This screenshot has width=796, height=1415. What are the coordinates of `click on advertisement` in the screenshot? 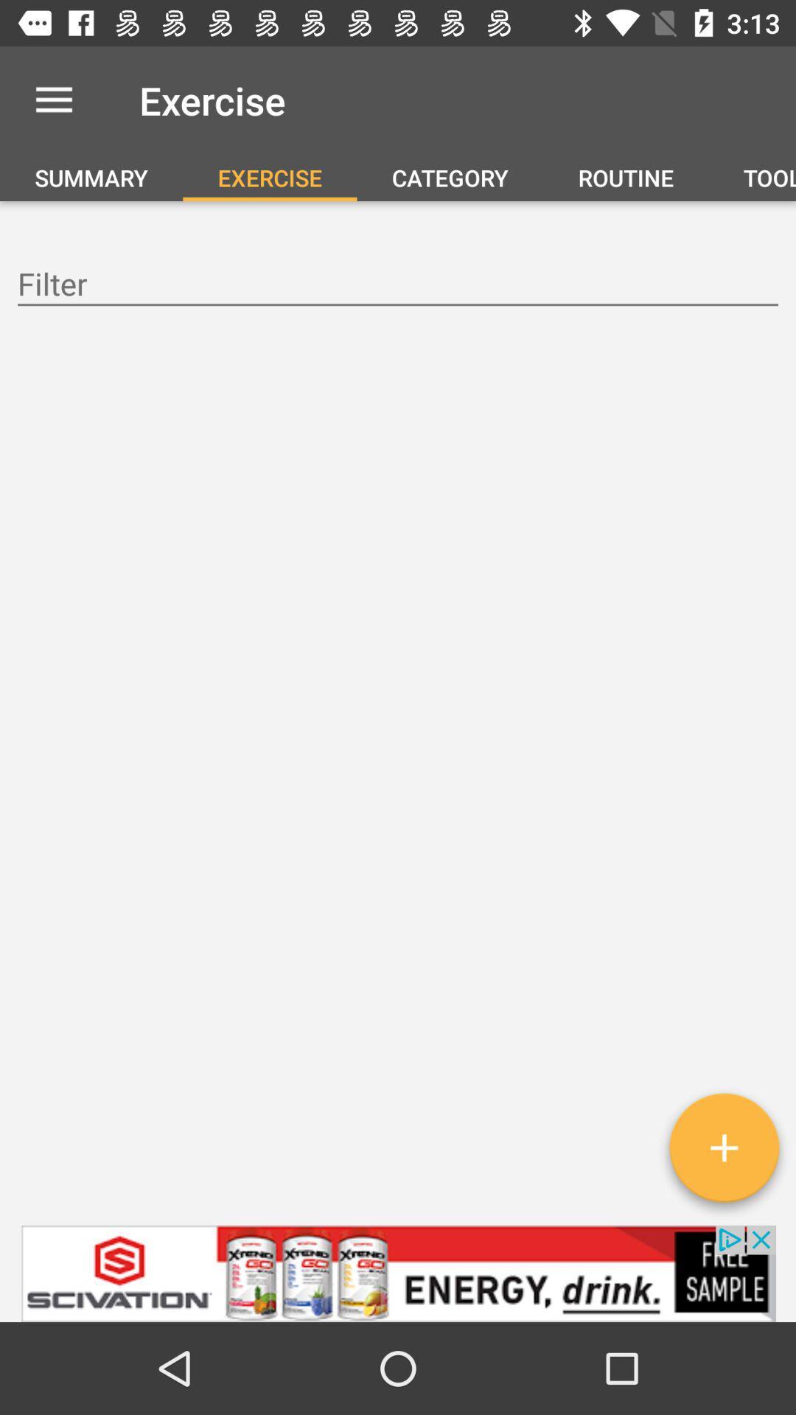 It's located at (398, 1273).